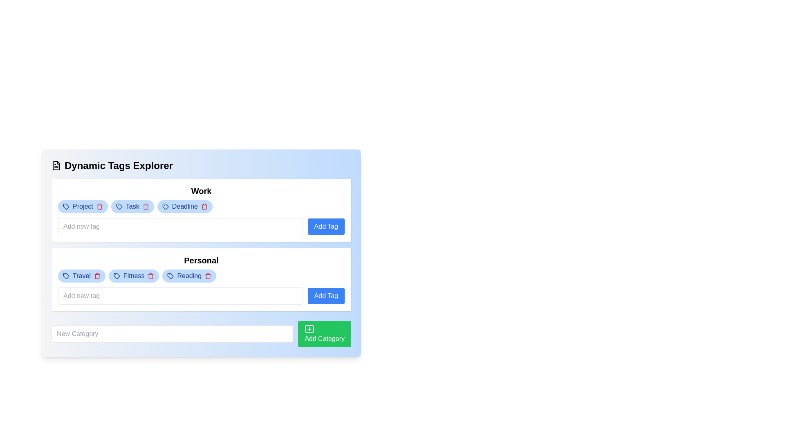 This screenshot has width=785, height=441. I want to click on the 24x24-pixel SVG icon with a blue border that precedes the label 'Project' in the 'Work' section, so click(66, 206).